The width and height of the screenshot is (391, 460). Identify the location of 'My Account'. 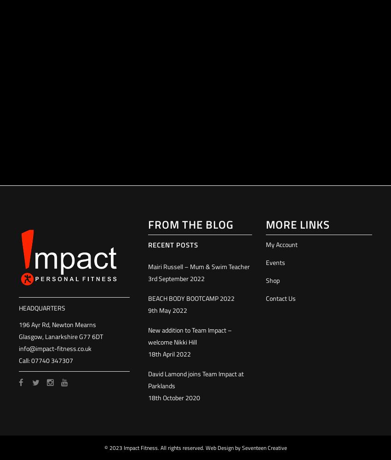
(265, 244).